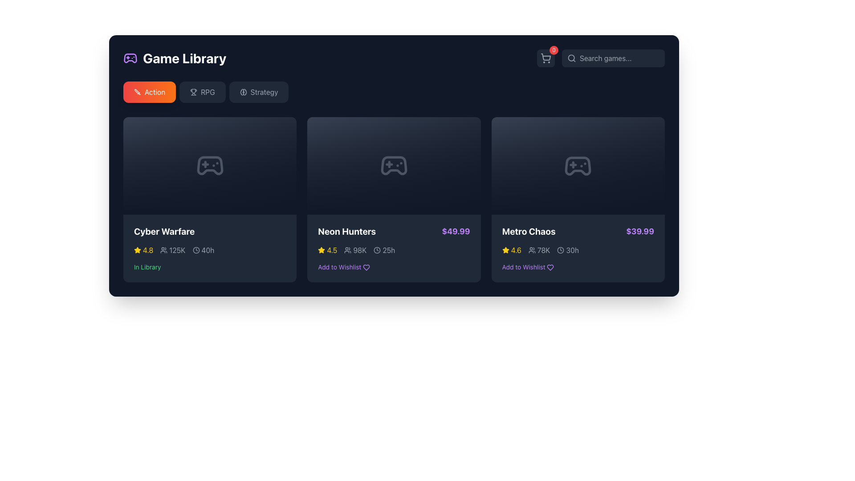 The width and height of the screenshot is (855, 481). What do you see at coordinates (203, 250) in the screenshot?
I see `the text label indicating the estimated playtime of '40h' for the game 'Cyber Warfare', which is located next to a clock icon` at bounding box center [203, 250].